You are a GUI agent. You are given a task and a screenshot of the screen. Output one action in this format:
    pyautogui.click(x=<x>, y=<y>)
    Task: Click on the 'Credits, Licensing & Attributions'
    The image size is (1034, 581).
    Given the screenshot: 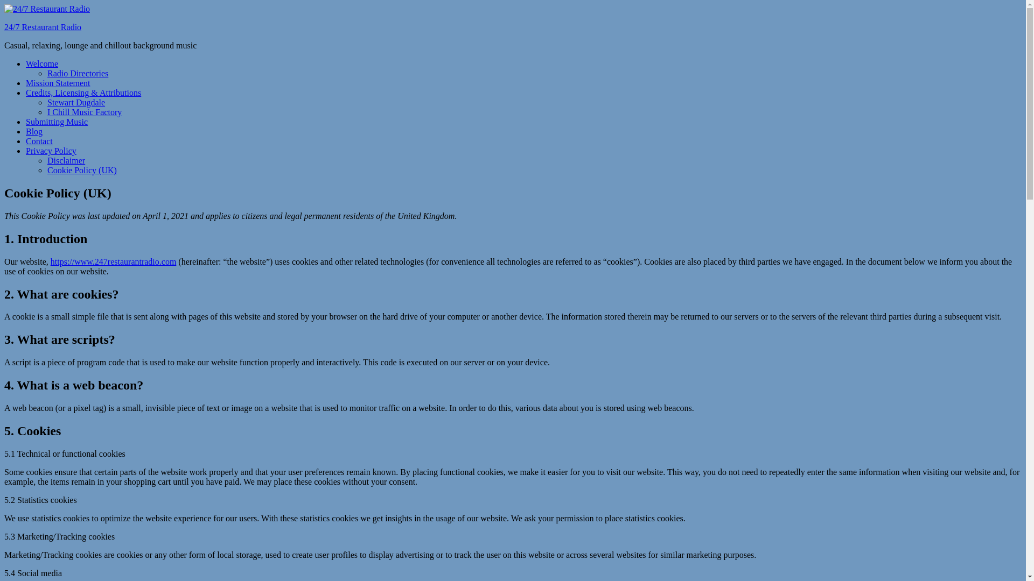 What is the action you would take?
    pyautogui.click(x=82, y=92)
    